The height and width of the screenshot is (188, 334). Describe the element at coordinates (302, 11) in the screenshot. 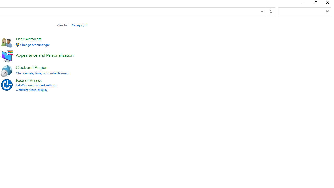

I see `'Search Box'` at that location.